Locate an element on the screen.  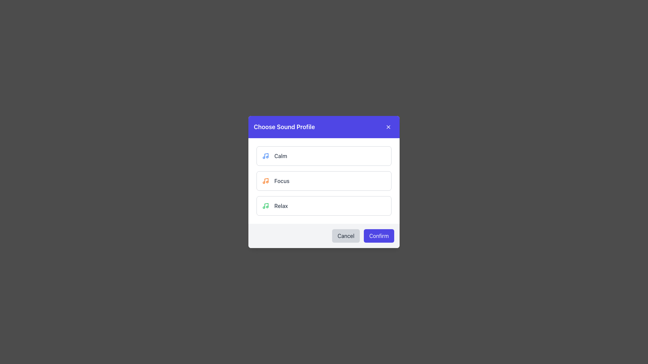
the 'Relax' text label is located at coordinates (281, 205).